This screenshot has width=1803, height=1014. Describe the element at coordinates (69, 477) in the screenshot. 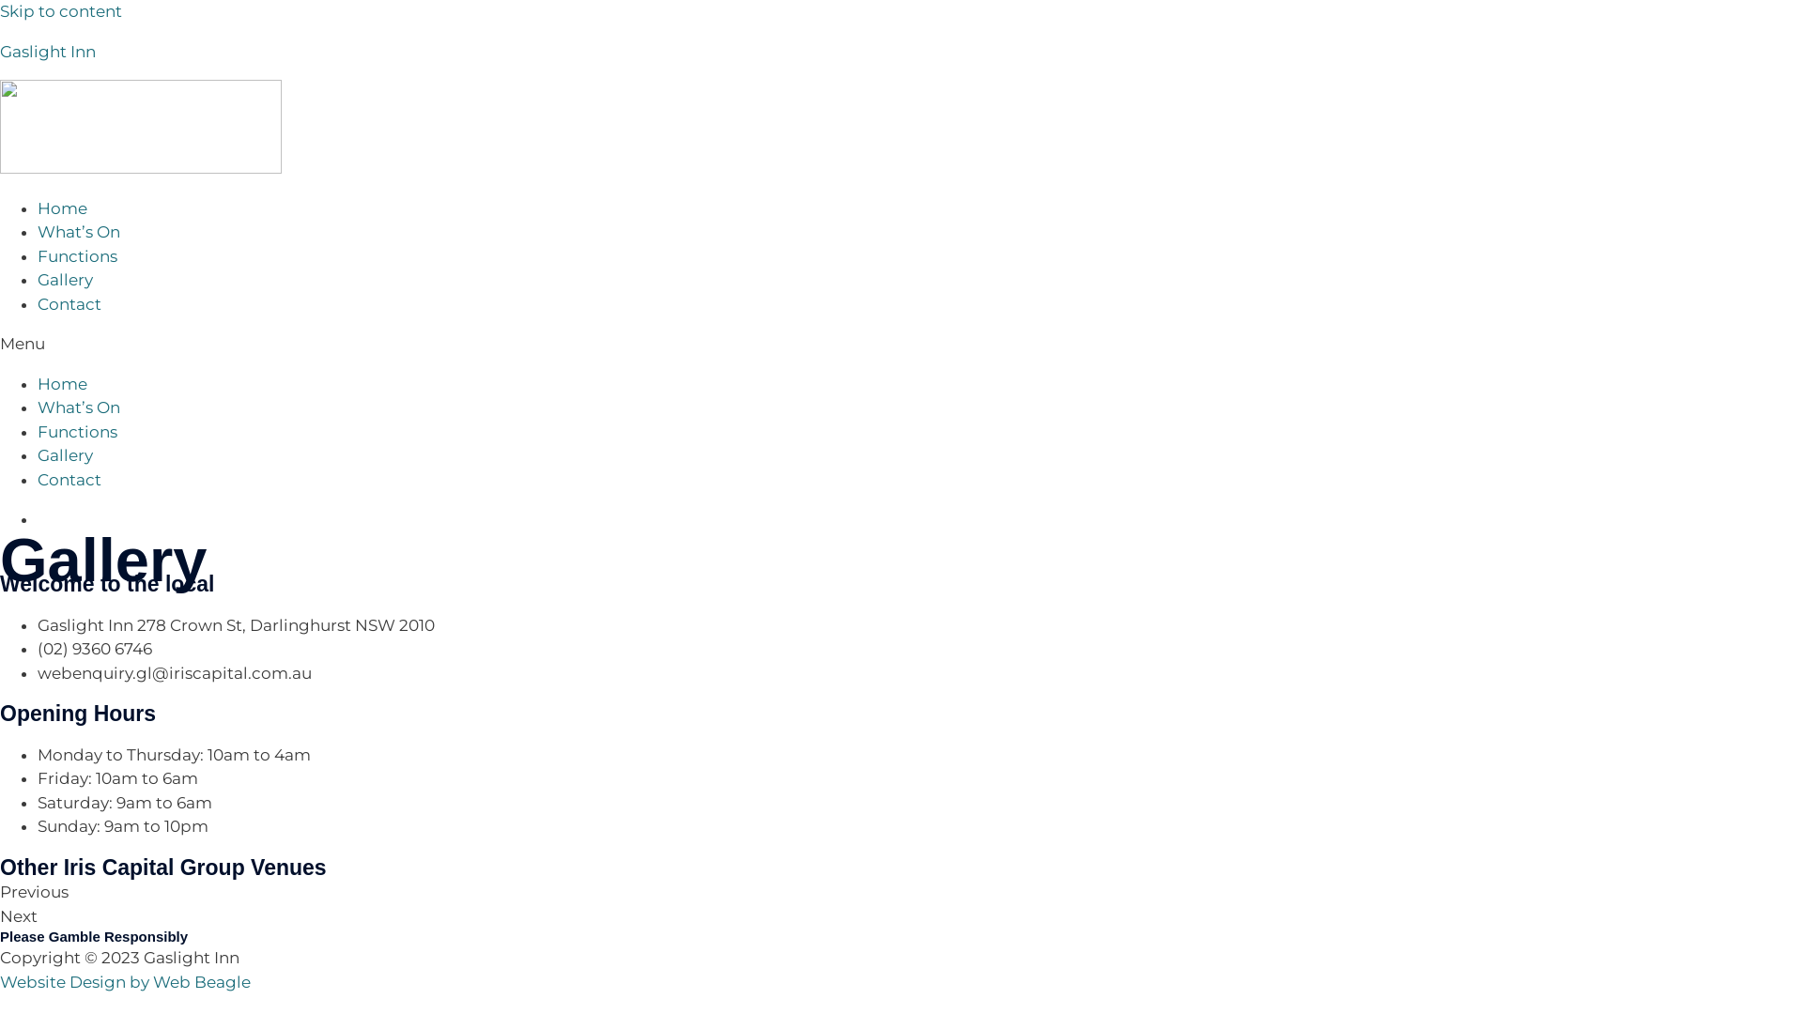

I see `'Contact'` at that location.